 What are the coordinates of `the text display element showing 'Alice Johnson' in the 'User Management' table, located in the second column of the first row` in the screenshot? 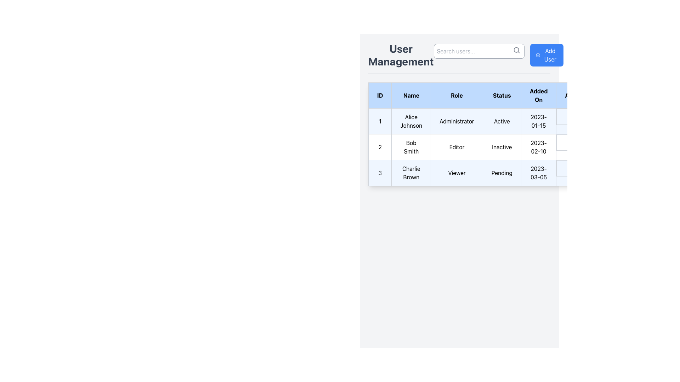 It's located at (411, 121).